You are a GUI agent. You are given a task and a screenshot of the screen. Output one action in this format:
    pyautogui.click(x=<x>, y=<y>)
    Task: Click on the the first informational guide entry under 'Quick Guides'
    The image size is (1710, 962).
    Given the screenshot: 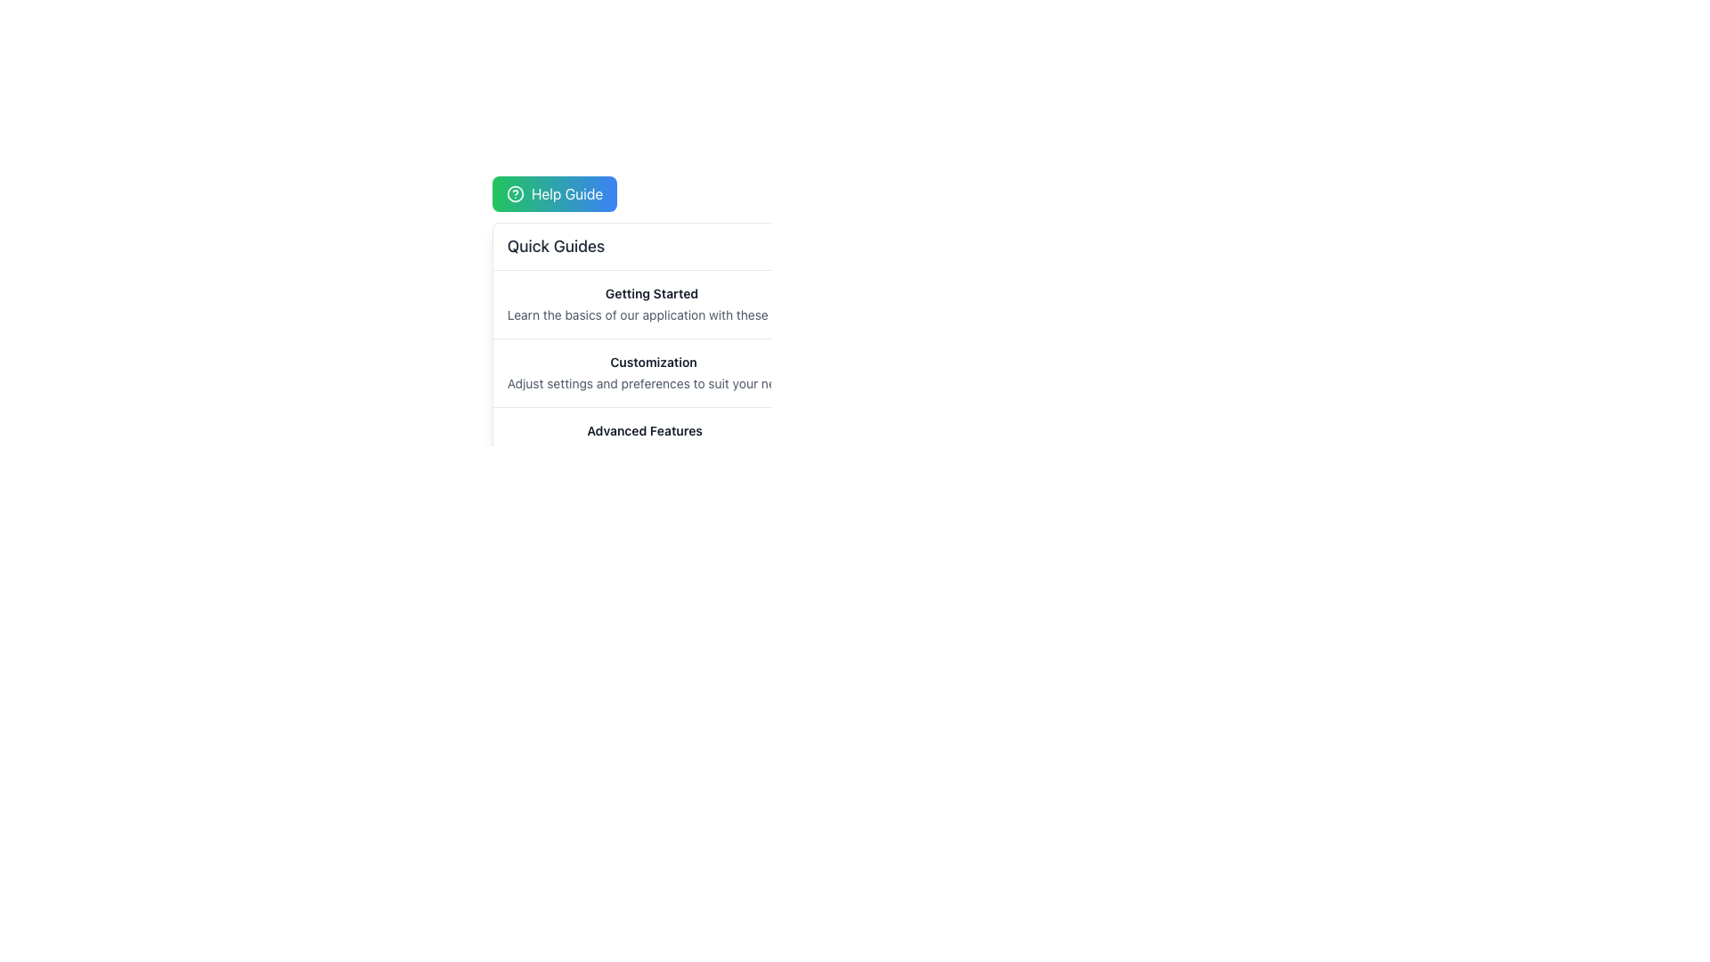 What is the action you would take?
    pyautogui.click(x=662, y=304)
    